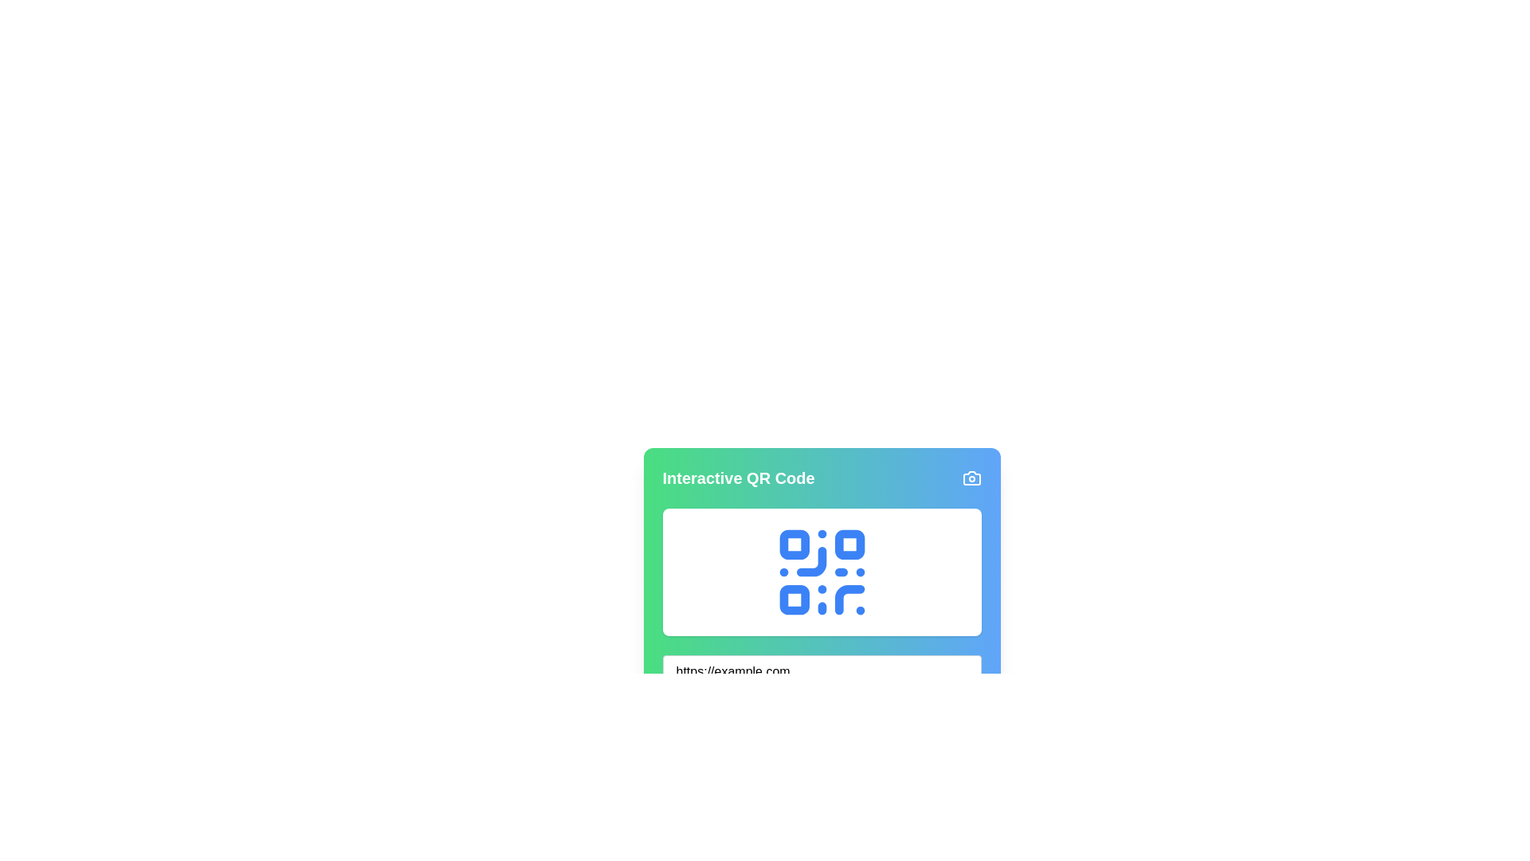  I want to click on the small blue square with rounded corners located in the bottom-left corner of the QR code graphic, so click(794, 600).